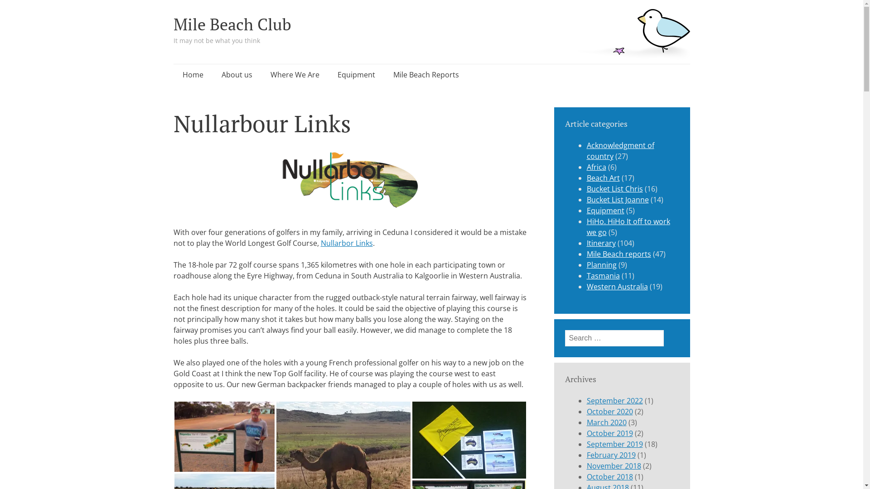 This screenshot has width=870, height=489. What do you see at coordinates (618, 254) in the screenshot?
I see `'Mile Beach reports'` at bounding box center [618, 254].